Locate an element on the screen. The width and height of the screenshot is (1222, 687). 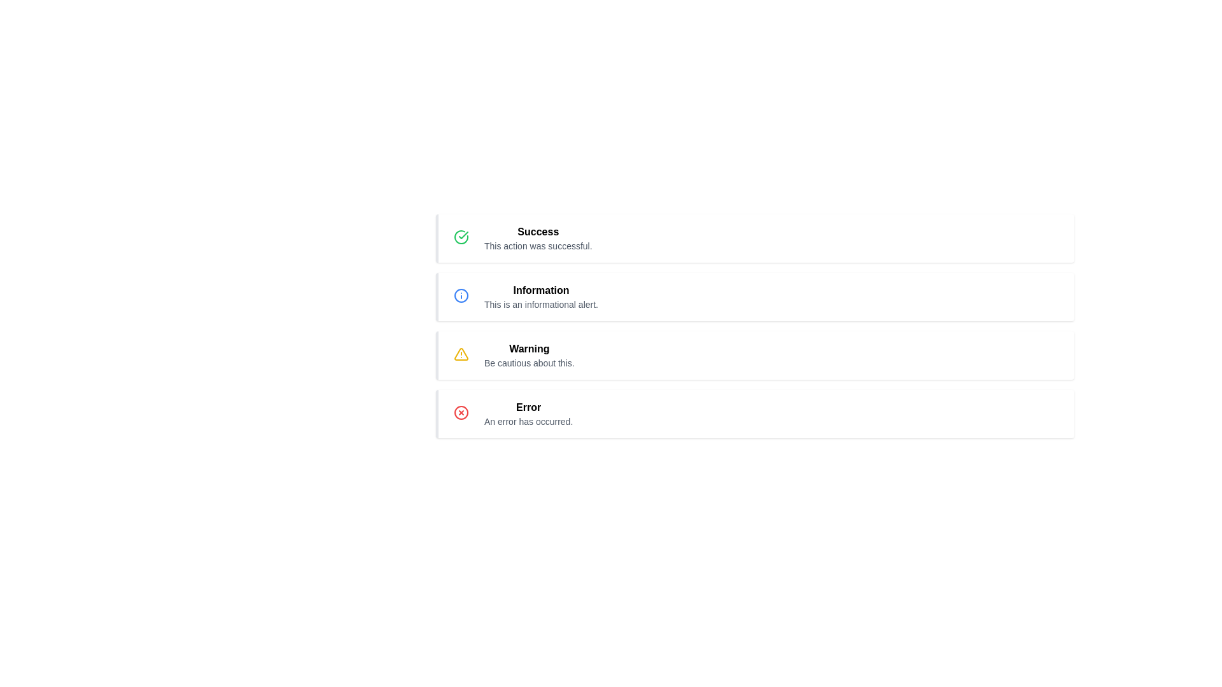
the 'Information' alert icon located on the left side of the alert box labeled 'Information This is an informational alert.' is located at coordinates (460, 296).